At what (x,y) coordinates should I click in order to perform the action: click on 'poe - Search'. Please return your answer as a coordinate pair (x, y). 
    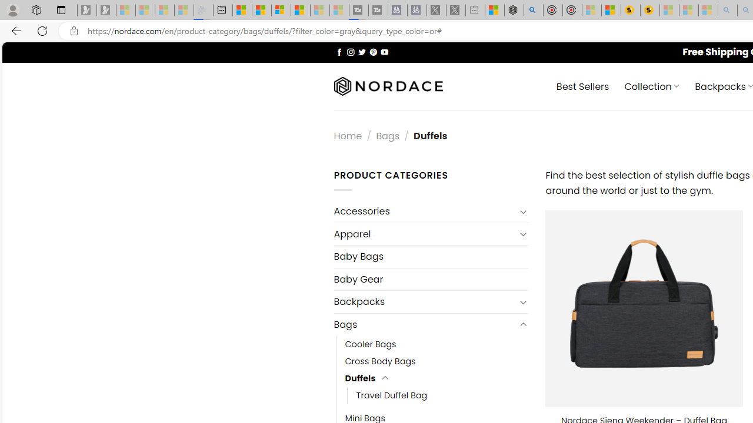
    Looking at the image, I should click on (532, 10).